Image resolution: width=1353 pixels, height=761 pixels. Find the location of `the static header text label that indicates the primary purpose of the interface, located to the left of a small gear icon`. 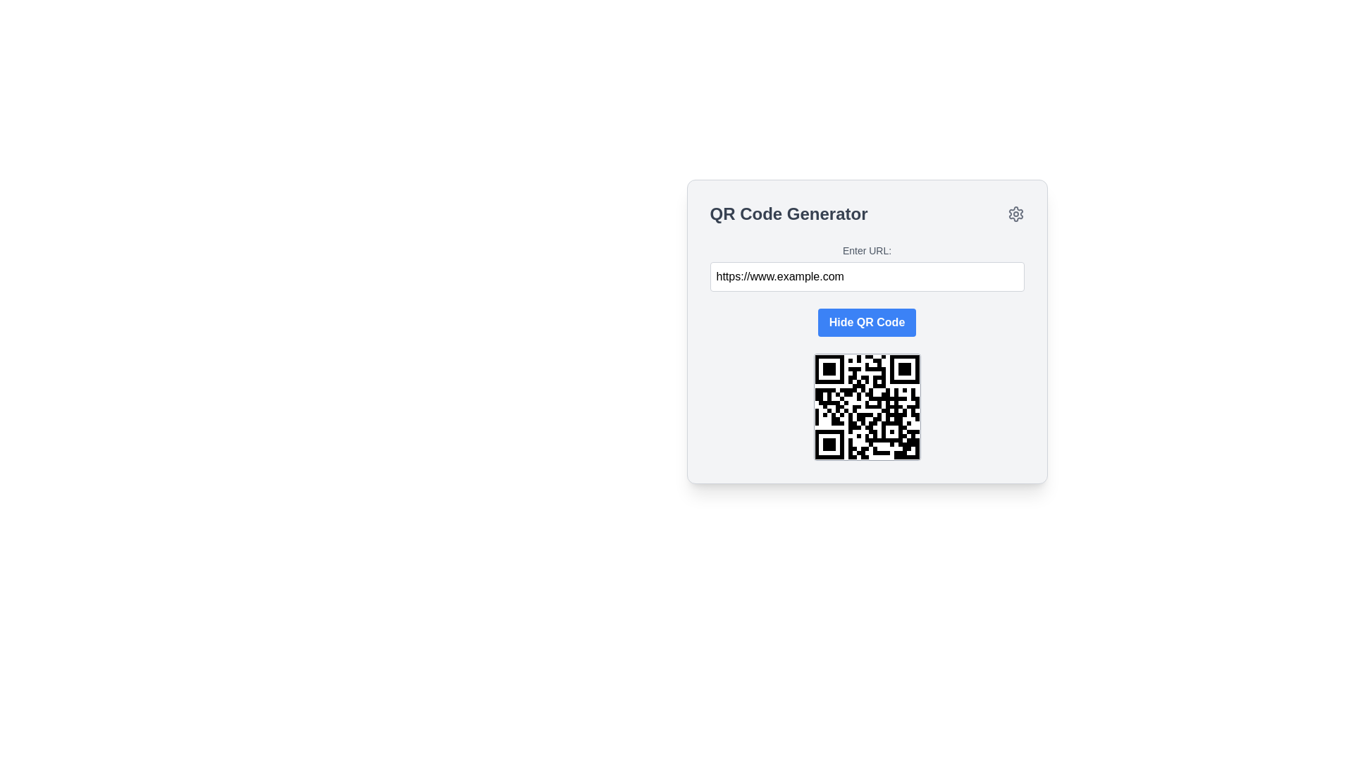

the static header text label that indicates the primary purpose of the interface, located to the left of a small gear icon is located at coordinates (788, 214).